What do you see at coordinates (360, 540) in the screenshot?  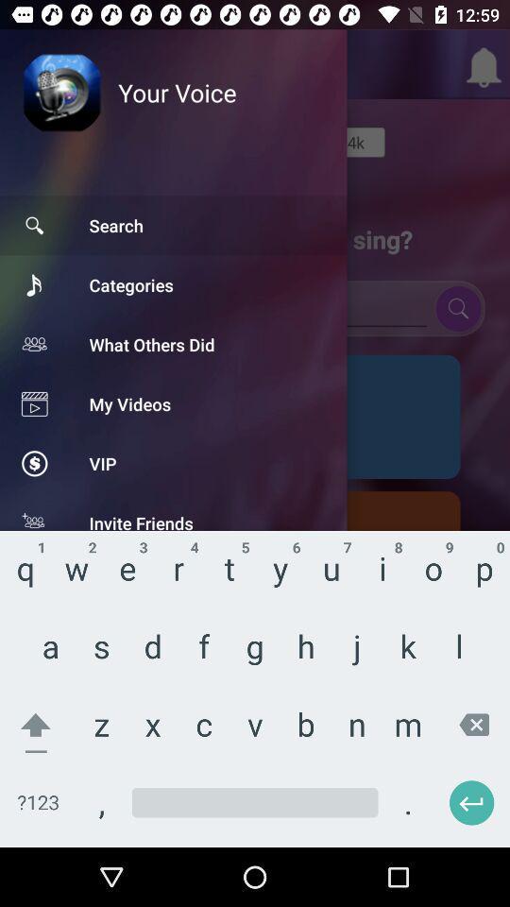 I see `the alphabets from y to o in the first row of the keyboard` at bounding box center [360, 540].